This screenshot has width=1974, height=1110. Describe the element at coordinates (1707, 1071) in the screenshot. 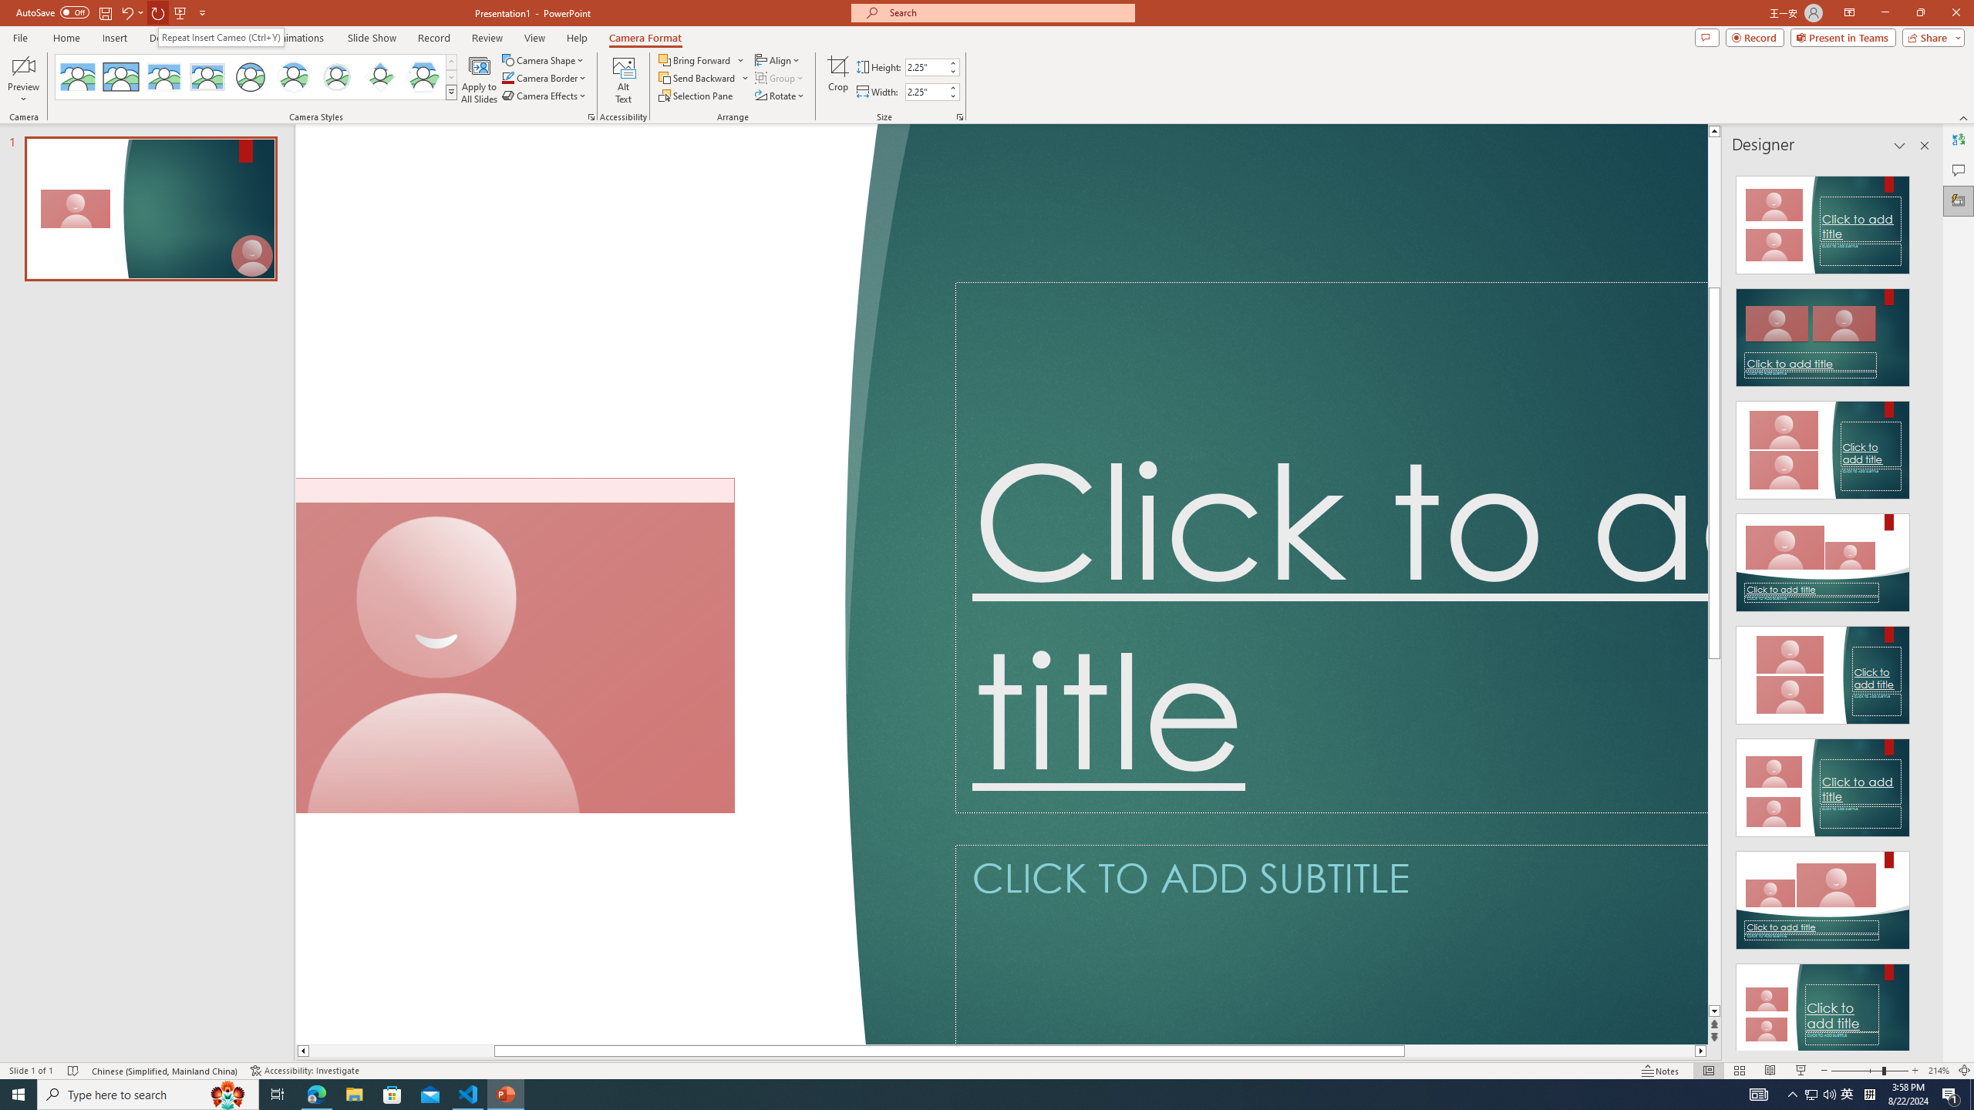

I see `'Normal'` at that location.